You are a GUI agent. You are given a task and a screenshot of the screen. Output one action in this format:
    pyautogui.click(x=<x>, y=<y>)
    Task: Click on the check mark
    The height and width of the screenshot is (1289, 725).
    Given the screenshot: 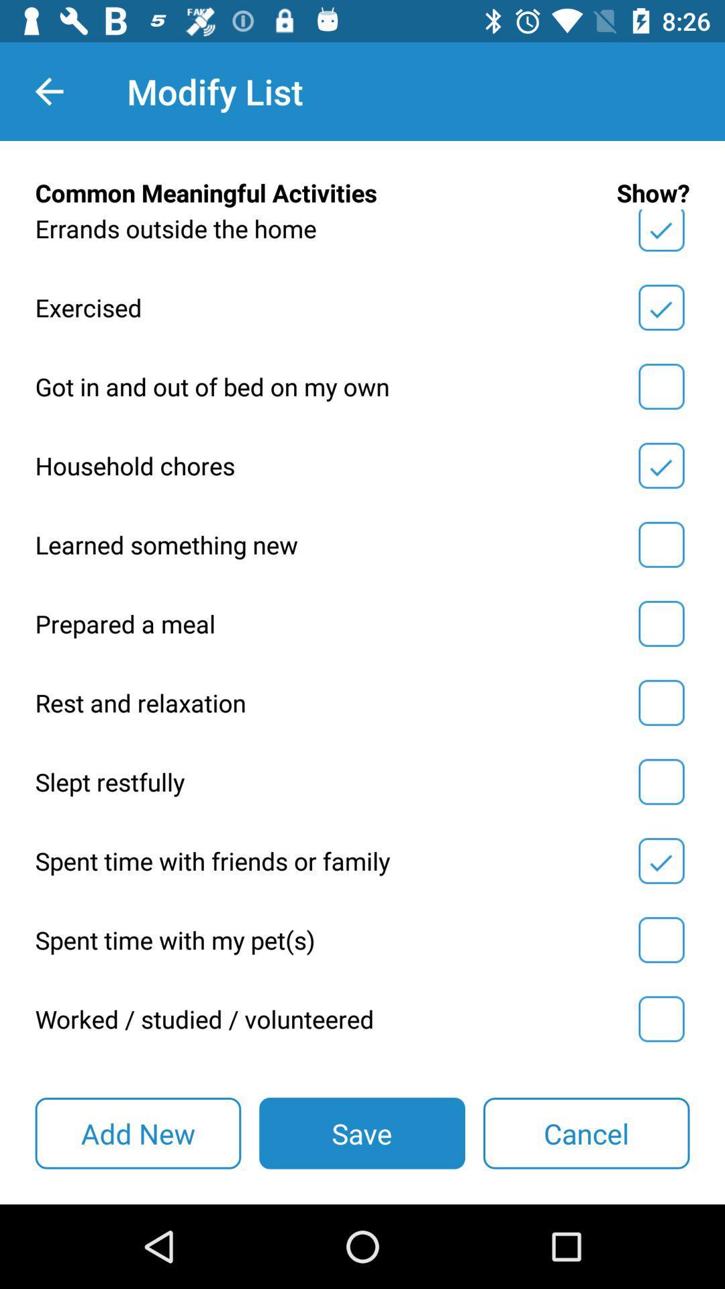 What is the action you would take?
    pyautogui.click(x=661, y=939)
    